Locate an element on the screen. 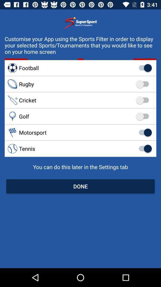  the golf is located at coordinates (80, 116).